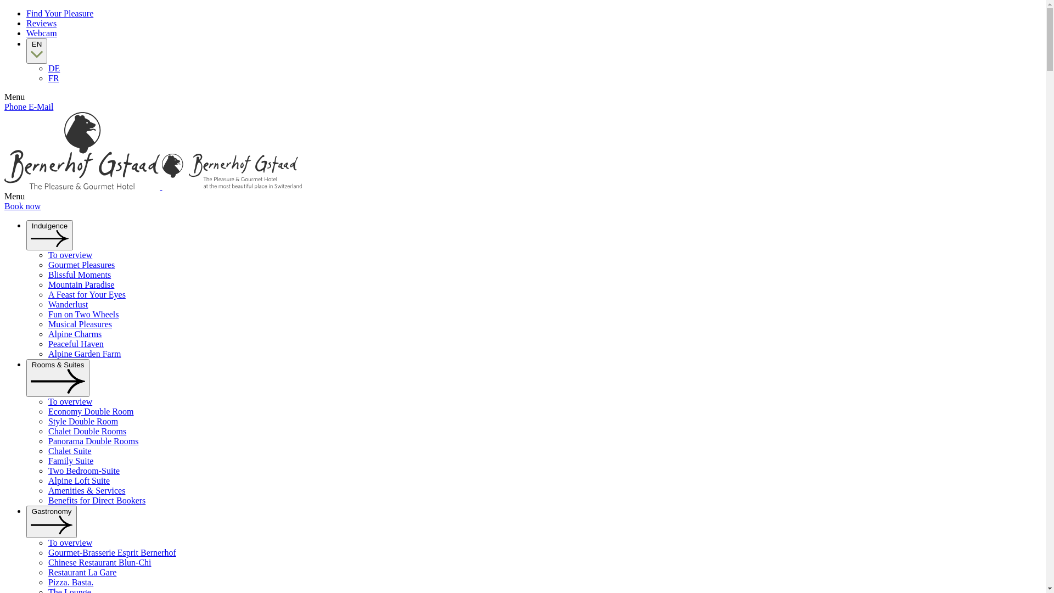 The height and width of the screenshot is (593, 1054). I want to click on 'Book now', so click(23, 206).